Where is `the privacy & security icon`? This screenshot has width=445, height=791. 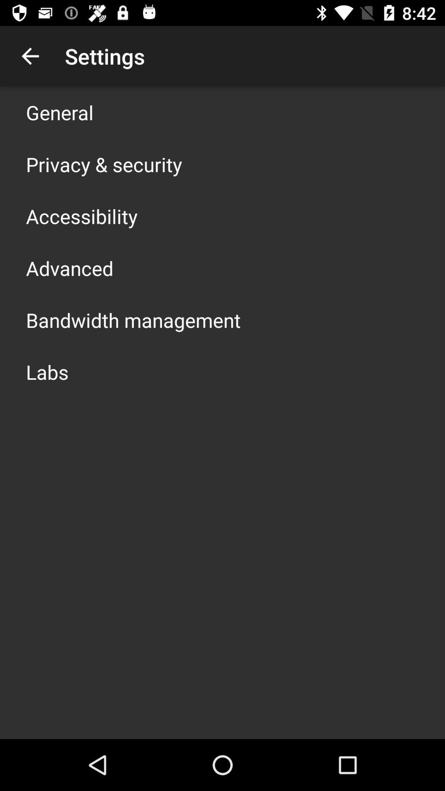
the privacy & security icon is located at coordinates (103, 164).